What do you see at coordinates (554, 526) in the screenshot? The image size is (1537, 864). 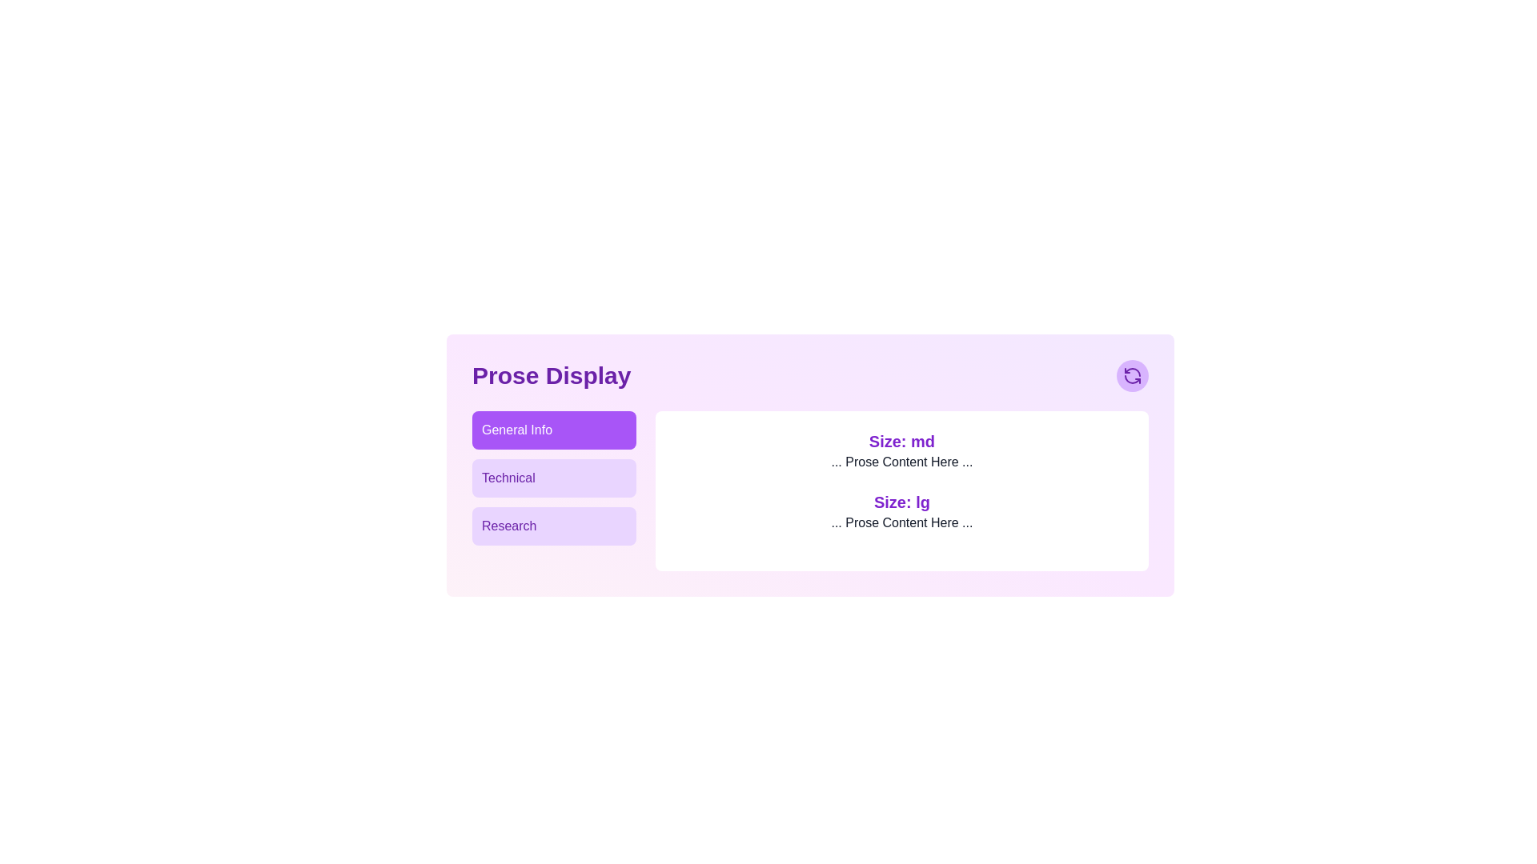 I see `the 'Research' button, which is the third button in the vertical group under 'Prose Display'` at bounding box center [554, 526].